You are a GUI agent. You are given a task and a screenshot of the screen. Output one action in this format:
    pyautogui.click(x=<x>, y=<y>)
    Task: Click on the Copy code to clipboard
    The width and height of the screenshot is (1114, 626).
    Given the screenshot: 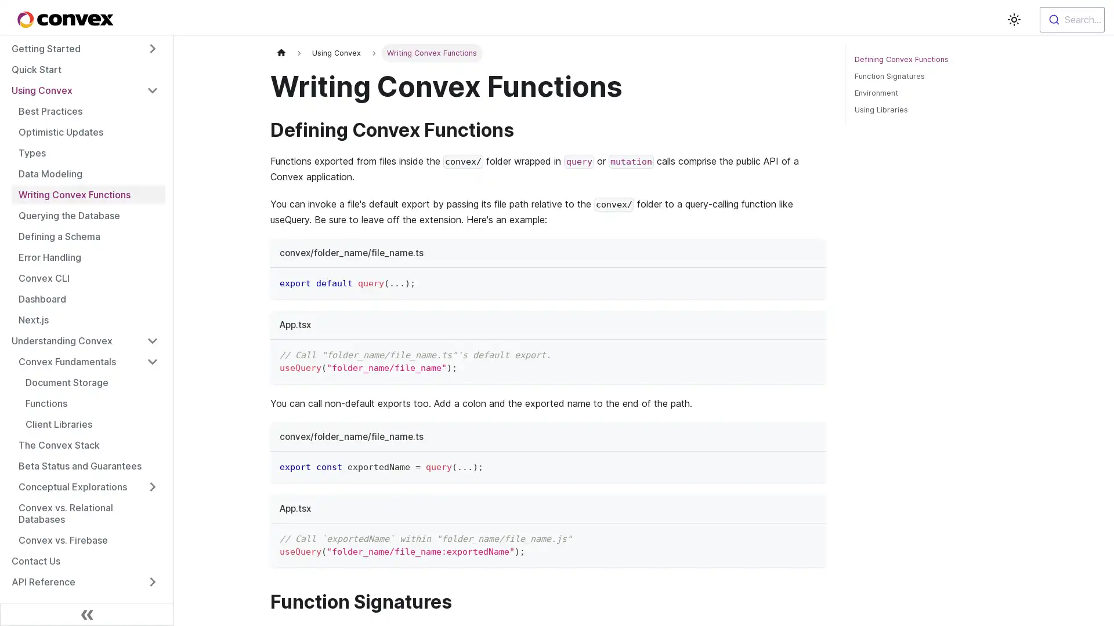 What is the action you would take?
    pyautogui.click(x=811, y=464)
    